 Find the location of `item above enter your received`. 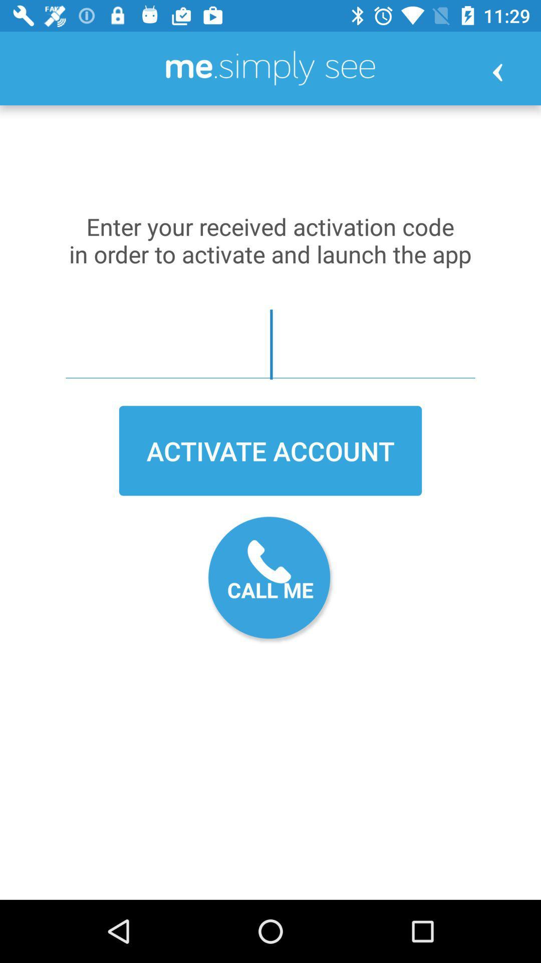

item above enter your received is located at coordinates (497, 72).